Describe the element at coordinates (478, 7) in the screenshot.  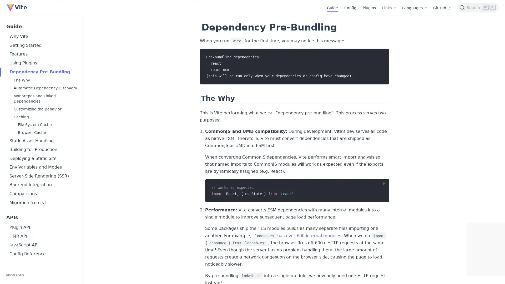
I see `Search` at that location.